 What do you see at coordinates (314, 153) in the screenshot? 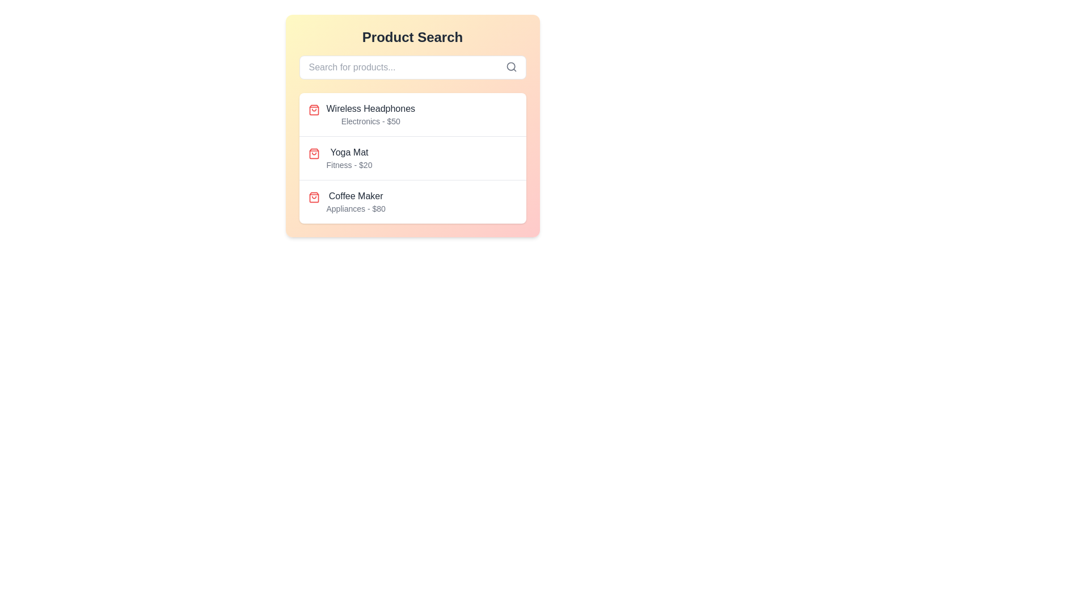
I see `the red shopping bag icon located to the left of the 'Yoga Mat' description in the second product listing` at bounding box center [314, 153].